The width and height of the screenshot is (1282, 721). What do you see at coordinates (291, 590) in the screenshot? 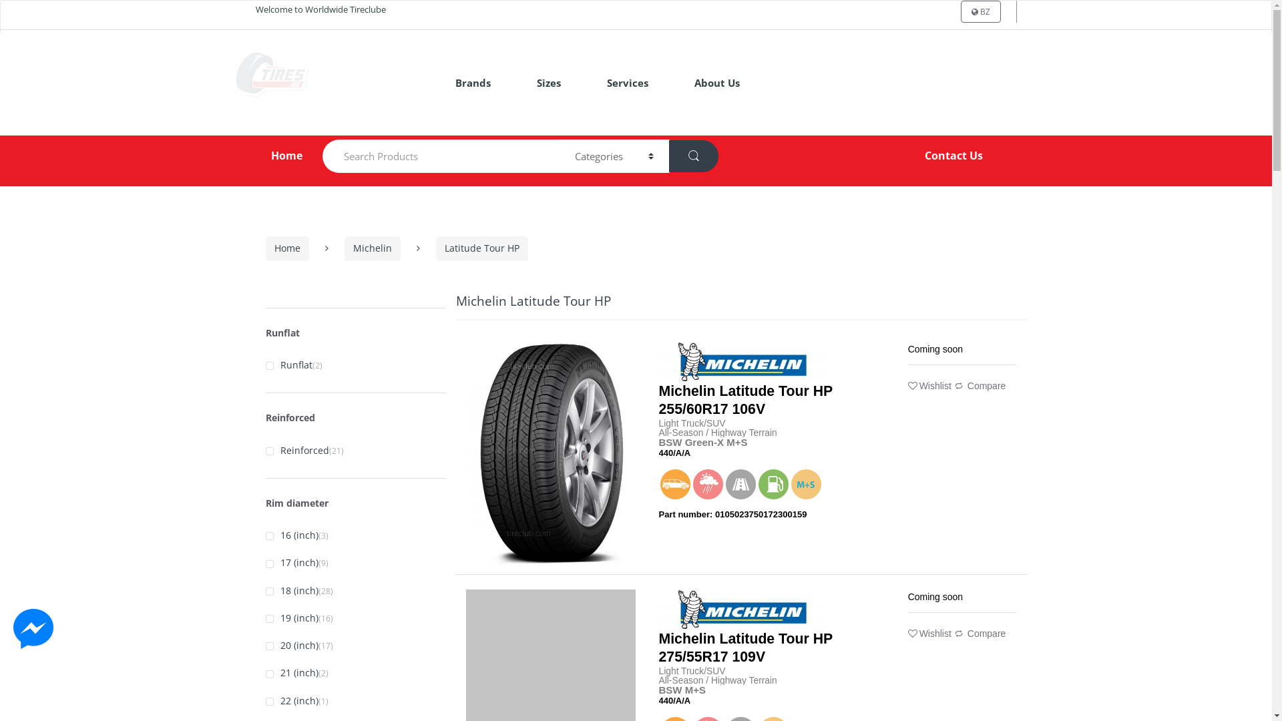
I see `'18 (inch)'` at bounding box center [291, 590].